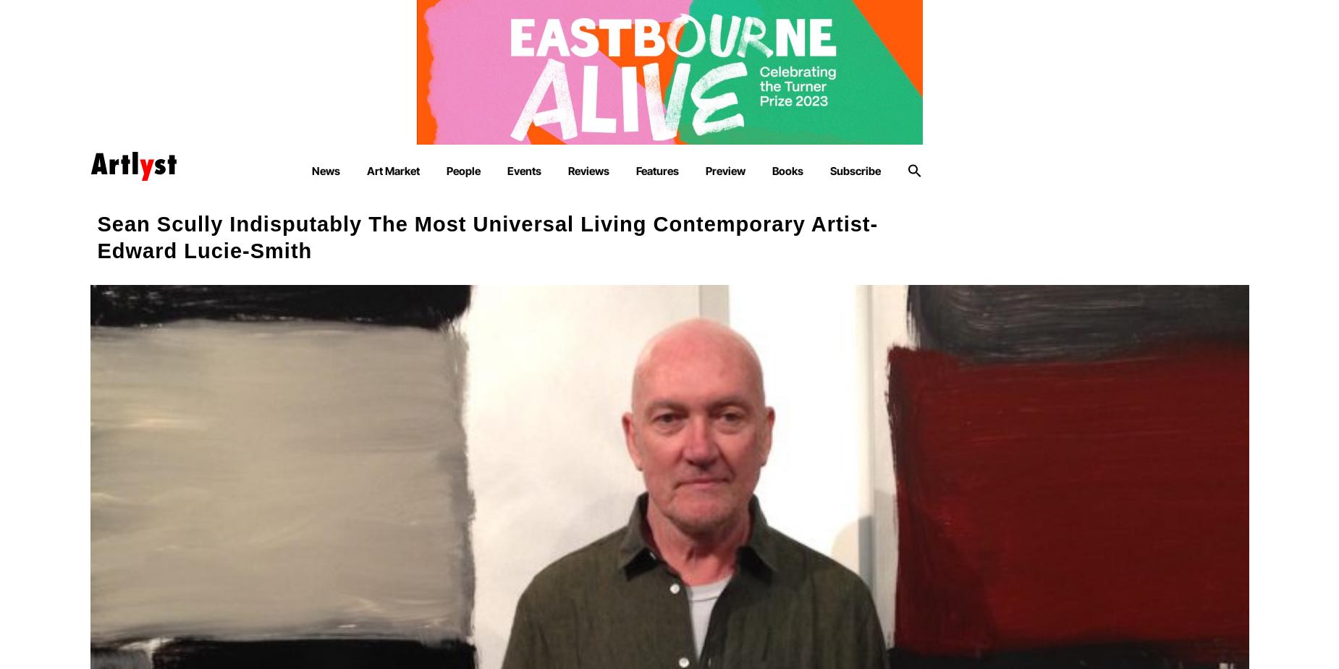 The image size is (1339, 669). I want to click on 'Preview', so click(724, 170).